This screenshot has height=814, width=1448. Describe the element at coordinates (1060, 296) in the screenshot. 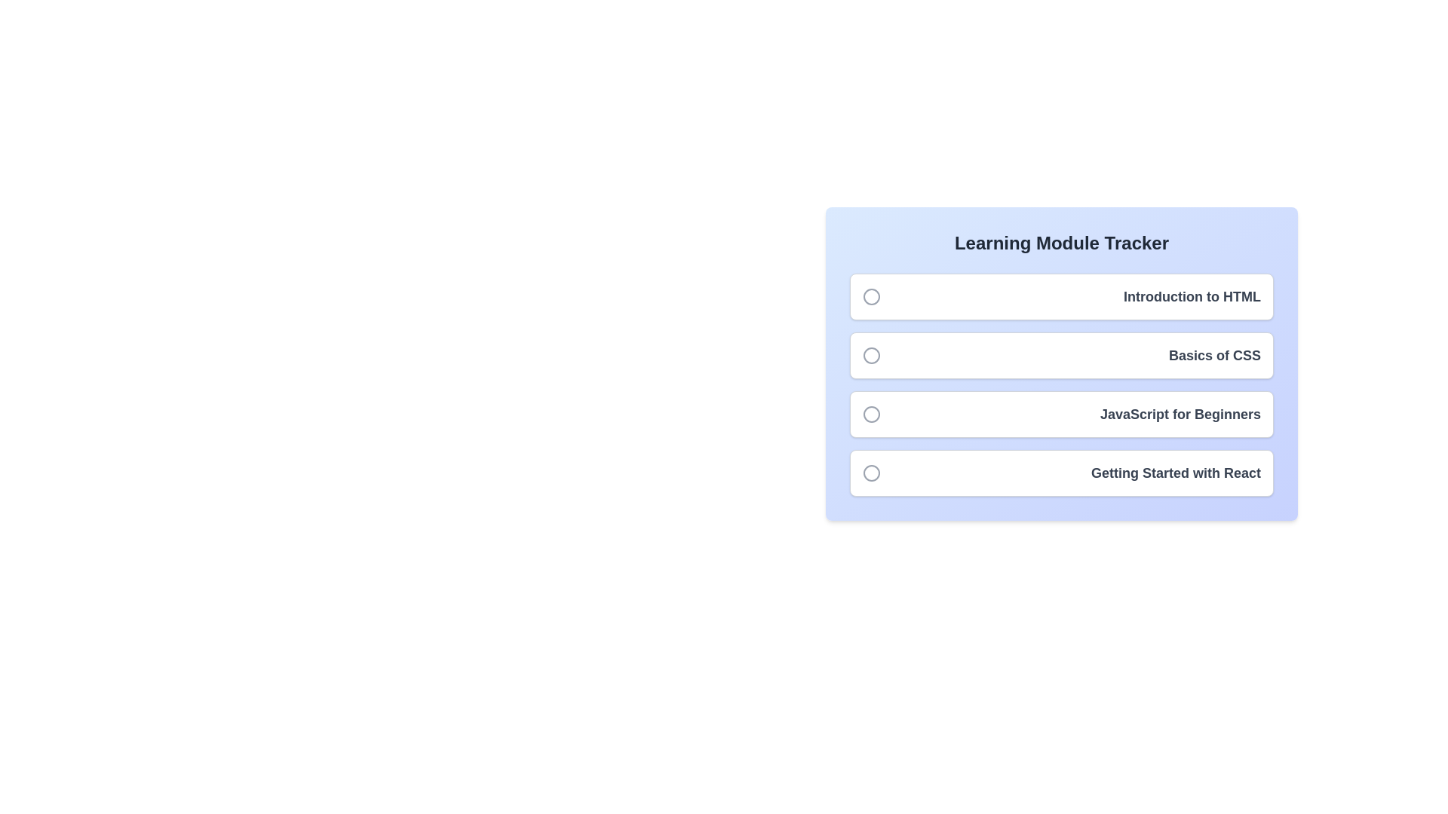

I see `the circular button on the 'Introduction to HTML' selectable list item` at that location.